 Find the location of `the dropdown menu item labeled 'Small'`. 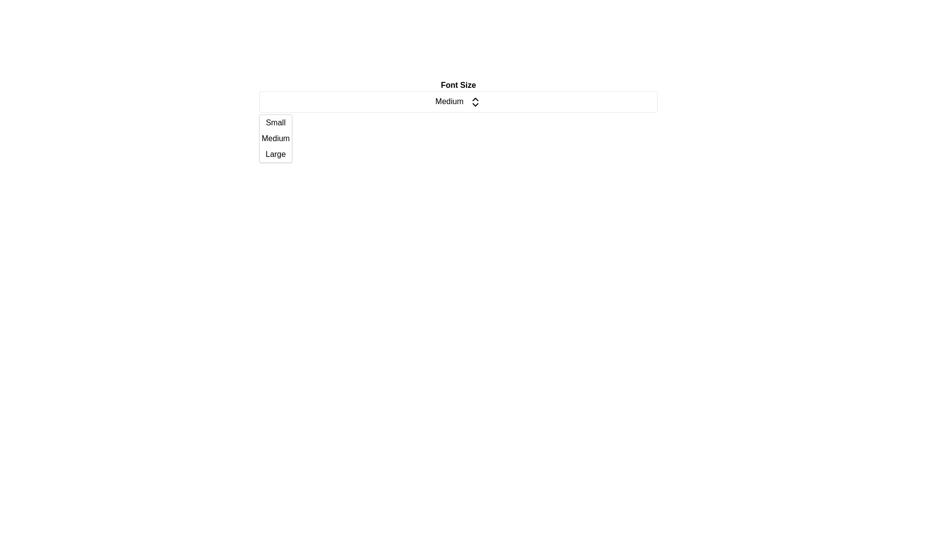

the dropdown menu item labeled 'Small' is located at coordinates (276, 122).